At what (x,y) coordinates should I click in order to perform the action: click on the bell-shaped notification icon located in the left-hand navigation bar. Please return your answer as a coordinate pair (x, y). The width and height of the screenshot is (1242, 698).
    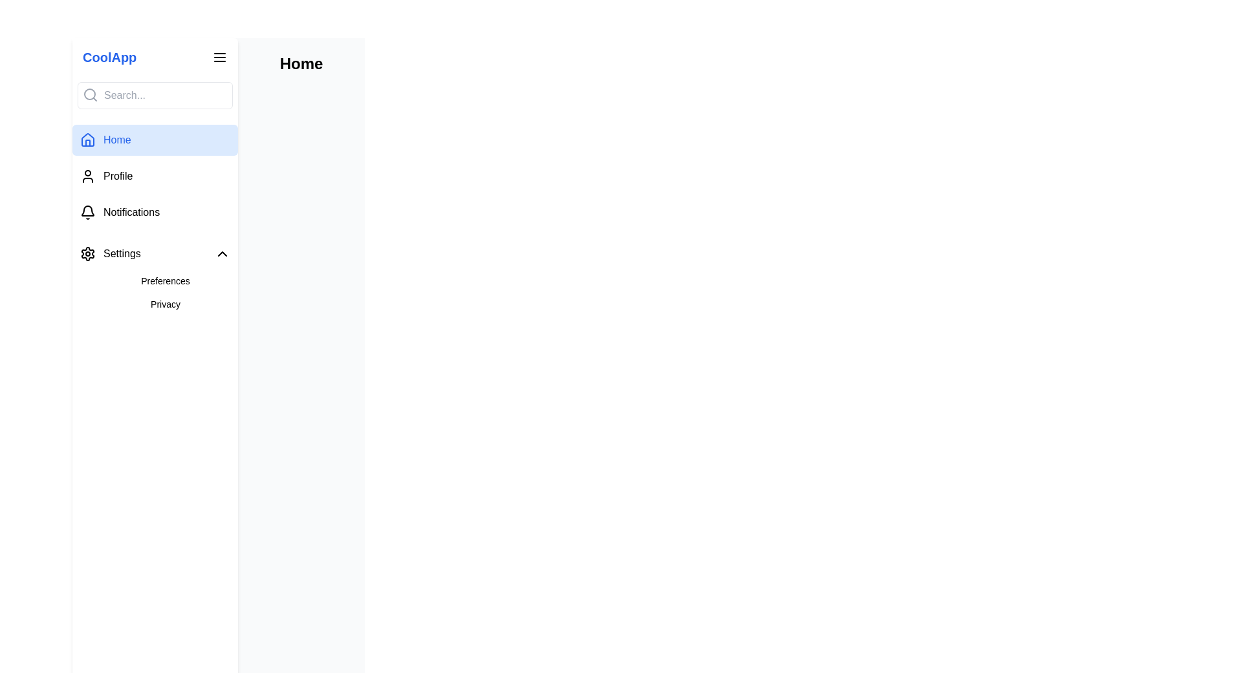
    Looking at the image, I should click on (87, 210).